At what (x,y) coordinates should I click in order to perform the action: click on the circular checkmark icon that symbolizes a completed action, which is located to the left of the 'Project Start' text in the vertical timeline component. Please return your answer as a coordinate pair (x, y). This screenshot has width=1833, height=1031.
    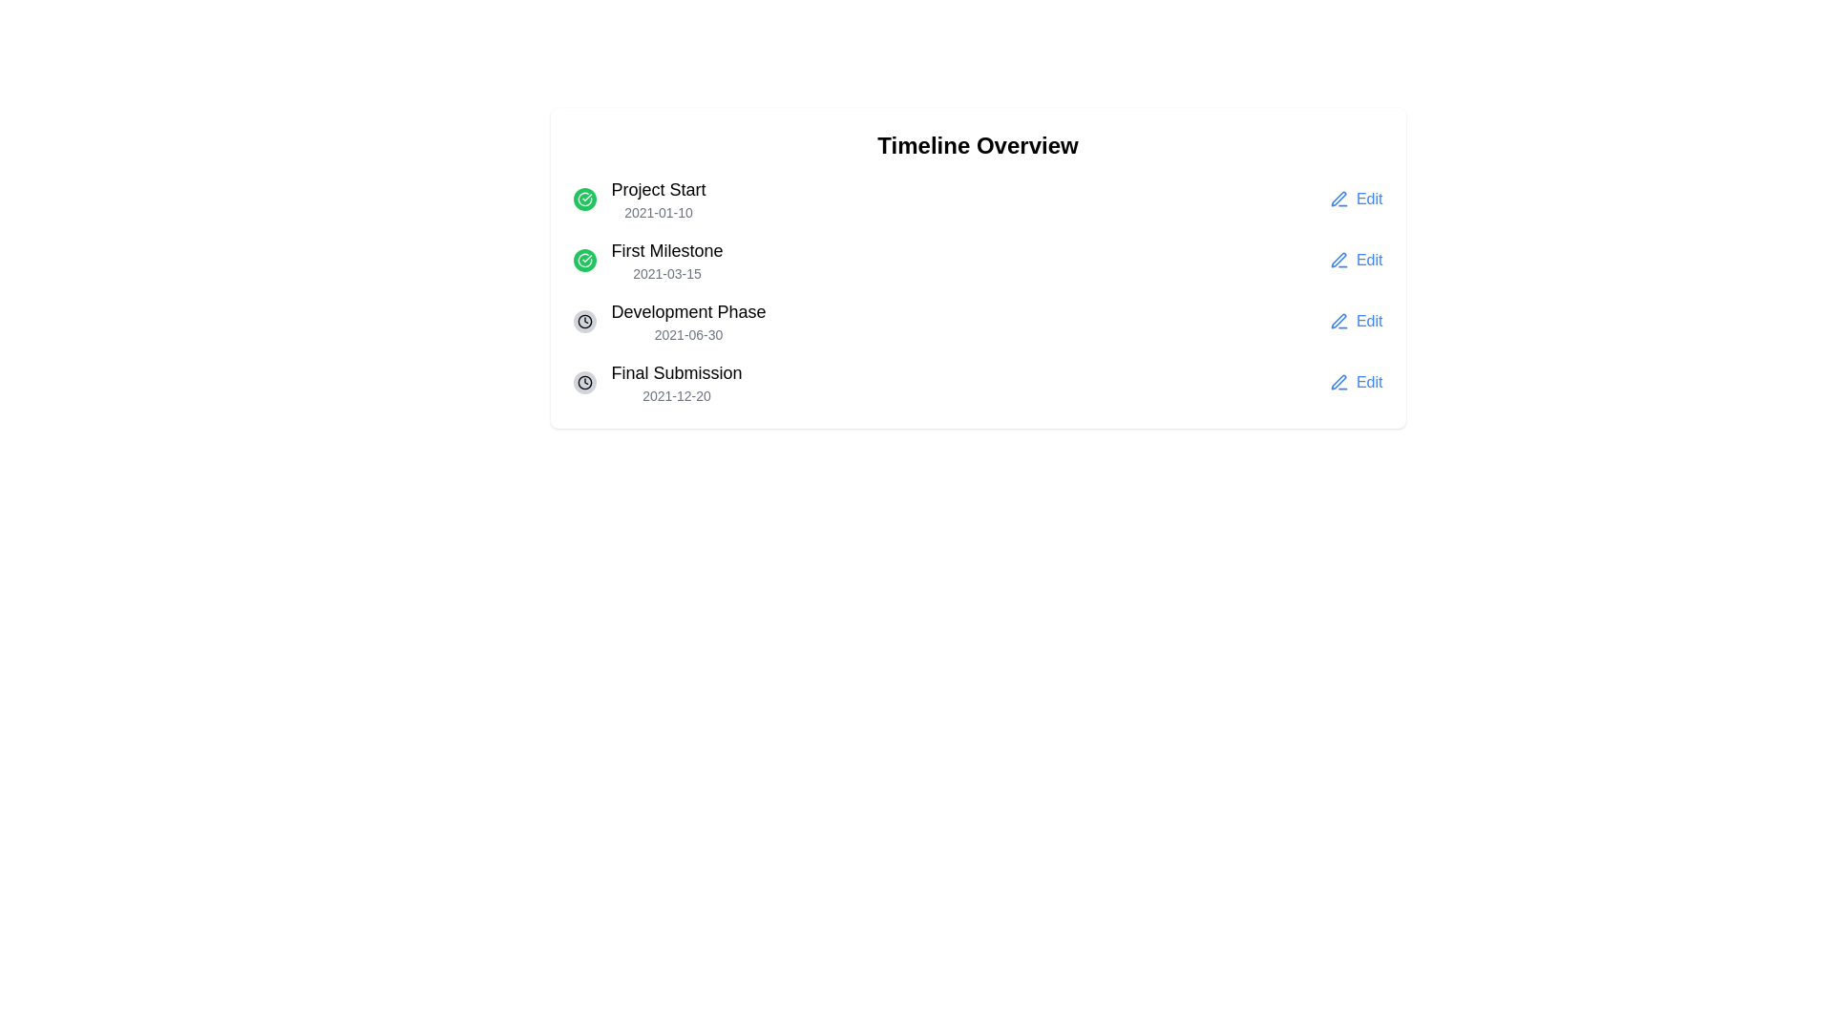
    Looking at the image, I should click on (583, 261).